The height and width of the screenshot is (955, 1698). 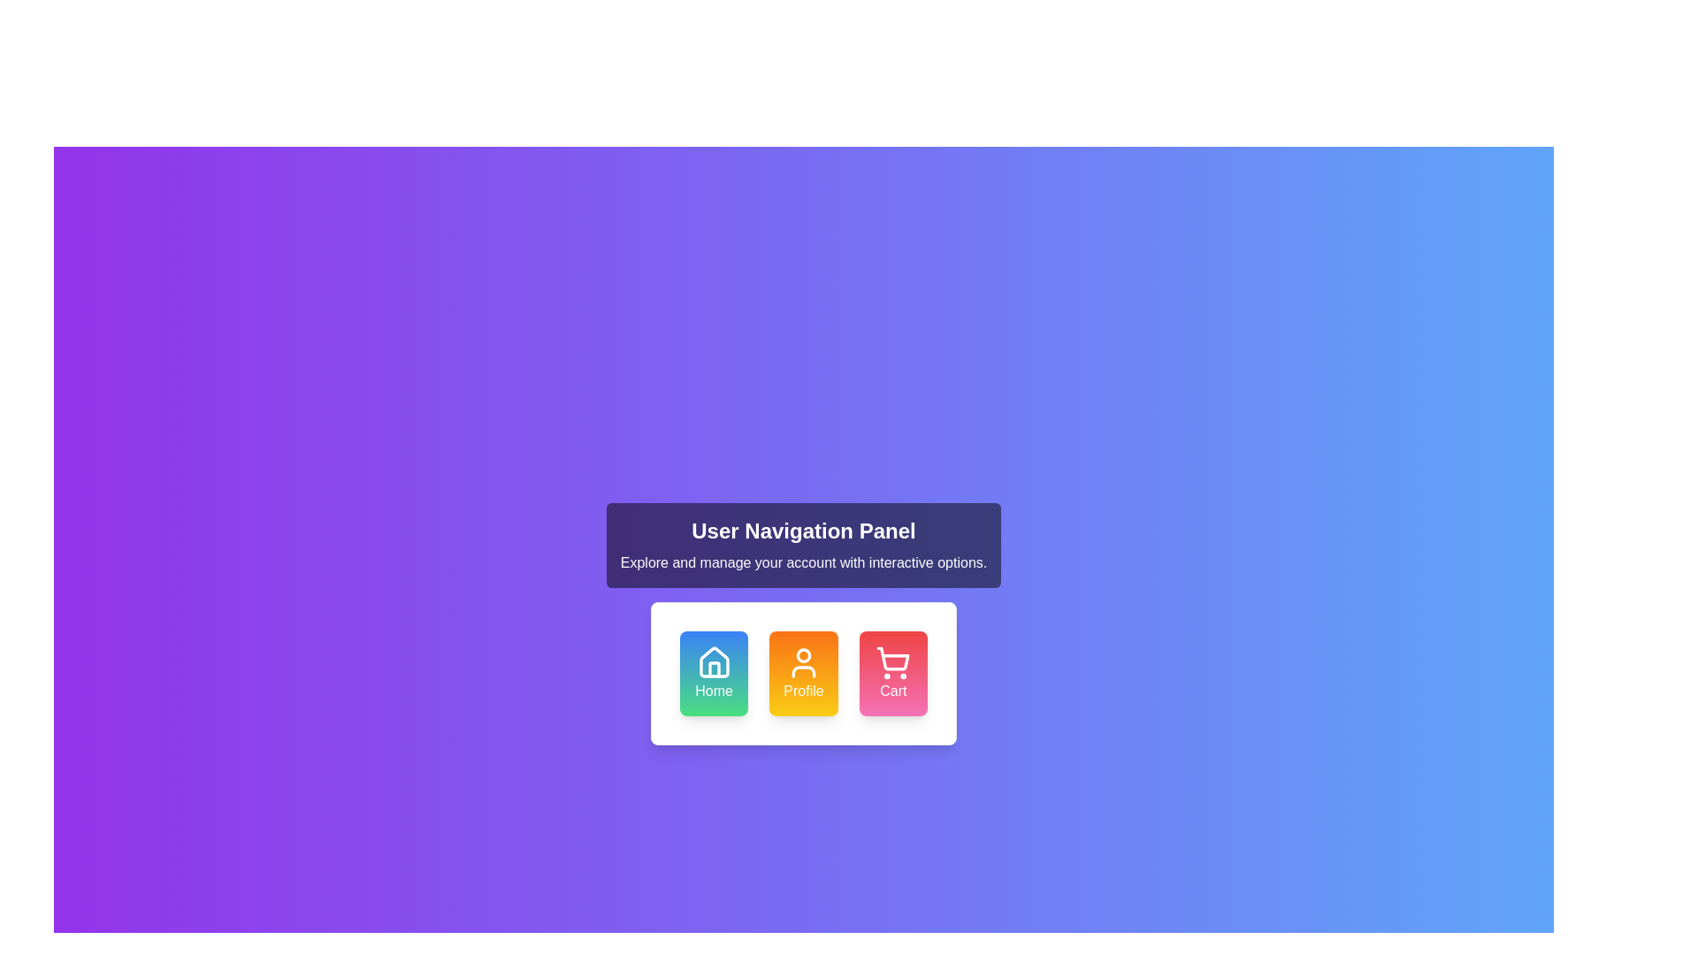 What do you see at coordinates (714, 674) in the screenshot?
I see `the 'Home' button, which is a square tile with a gradient background from green to blue and a white house icon, to observe its interactive styling` at bounding box center [714, 674].